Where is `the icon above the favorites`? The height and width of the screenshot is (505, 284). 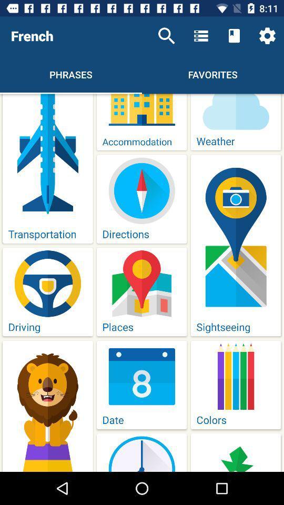 the icon above the favorites is located at coordinates (234, 36).